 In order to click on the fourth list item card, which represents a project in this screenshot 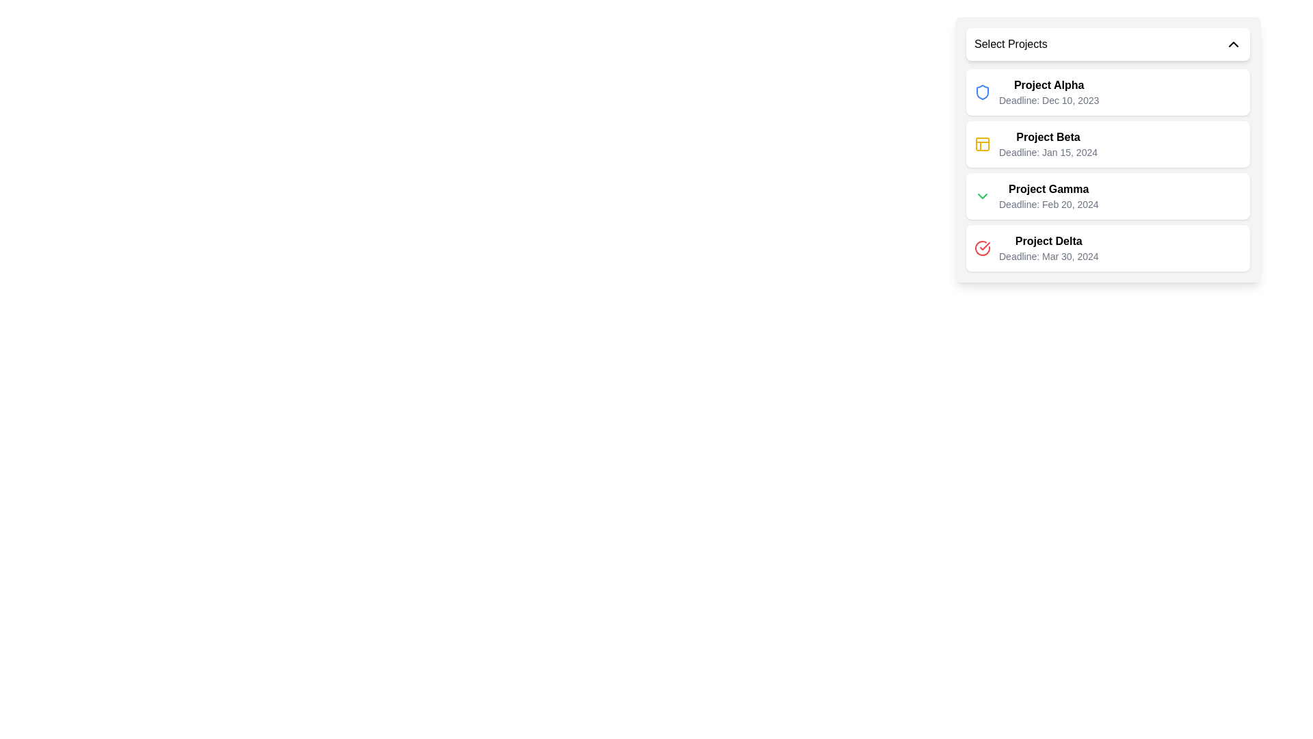, I will do `click(1108, 248)`.